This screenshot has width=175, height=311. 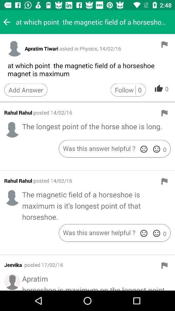 What do you see at coordinates (12, 129) in the screenshot?
I see `profile photo` at bounding box center [12, 129].